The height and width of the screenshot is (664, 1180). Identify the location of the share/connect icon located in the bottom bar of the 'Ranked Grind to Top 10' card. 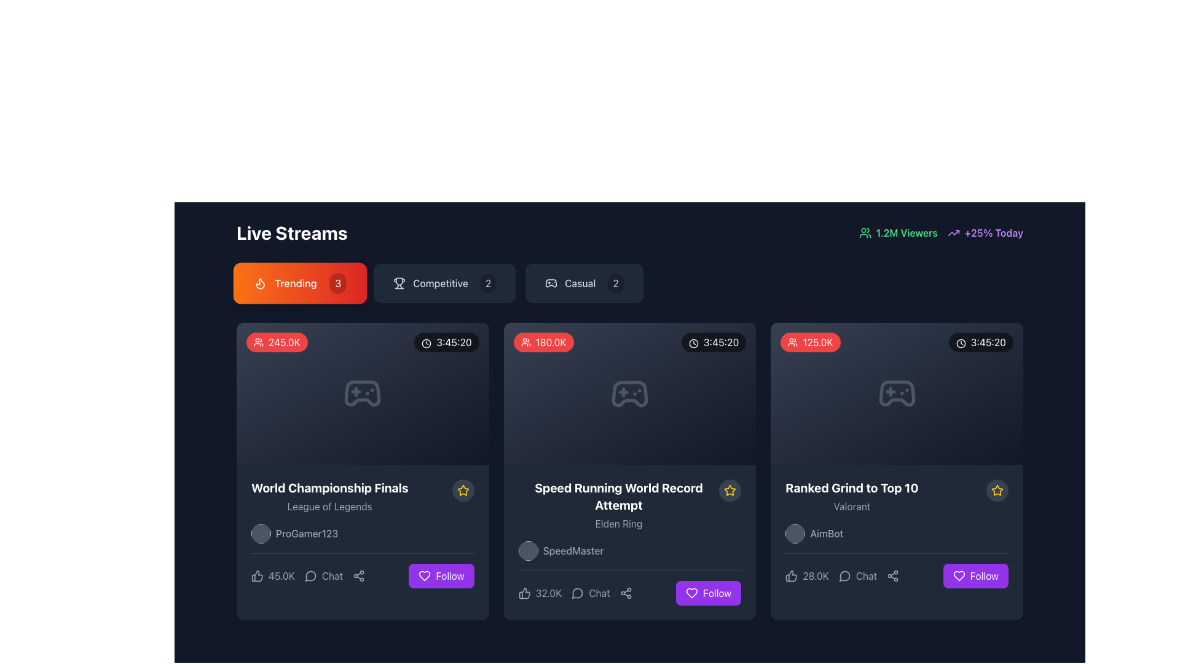
(893, 576).